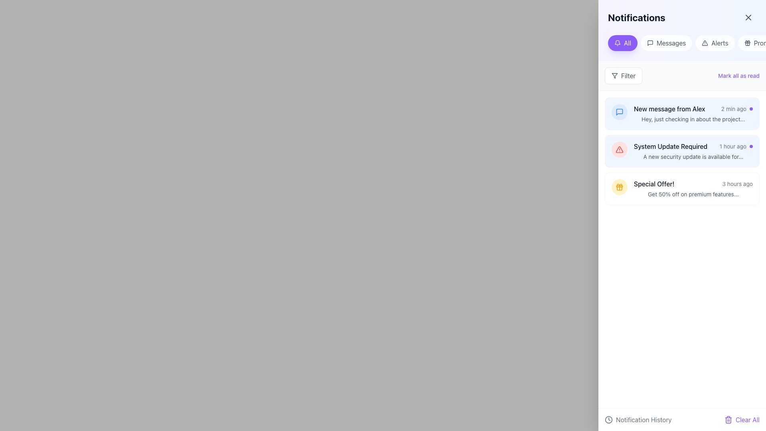 The image size is (766, 431). I want to click on the static text label displaying 'Special Offer!' in the right-hand notification panel, which is the foremost text on the third notification entry from the top, so click(654, 184).